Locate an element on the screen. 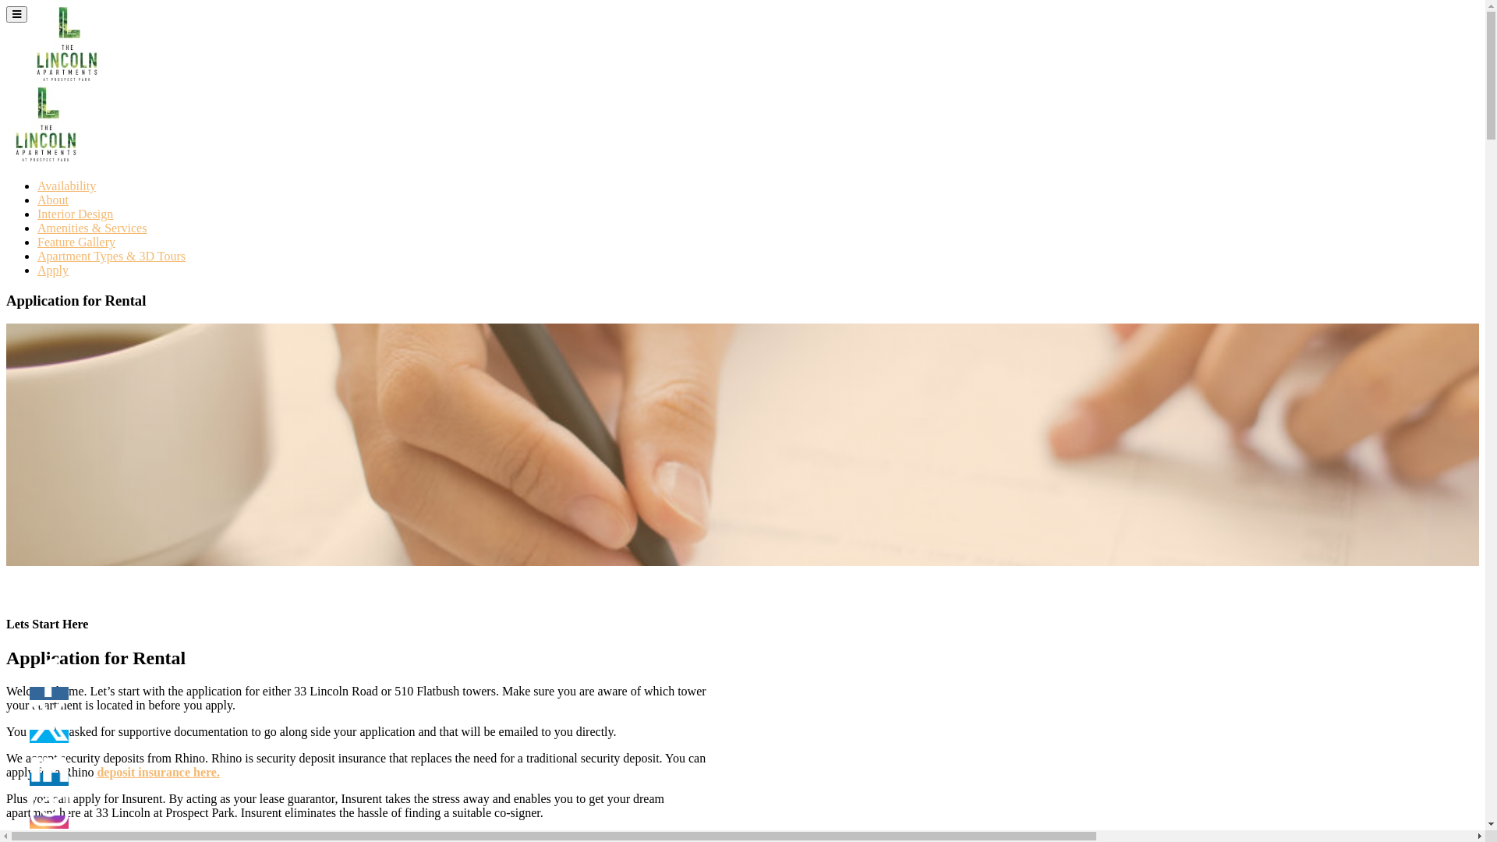  'Apply' is located at coordinates (52, 269).